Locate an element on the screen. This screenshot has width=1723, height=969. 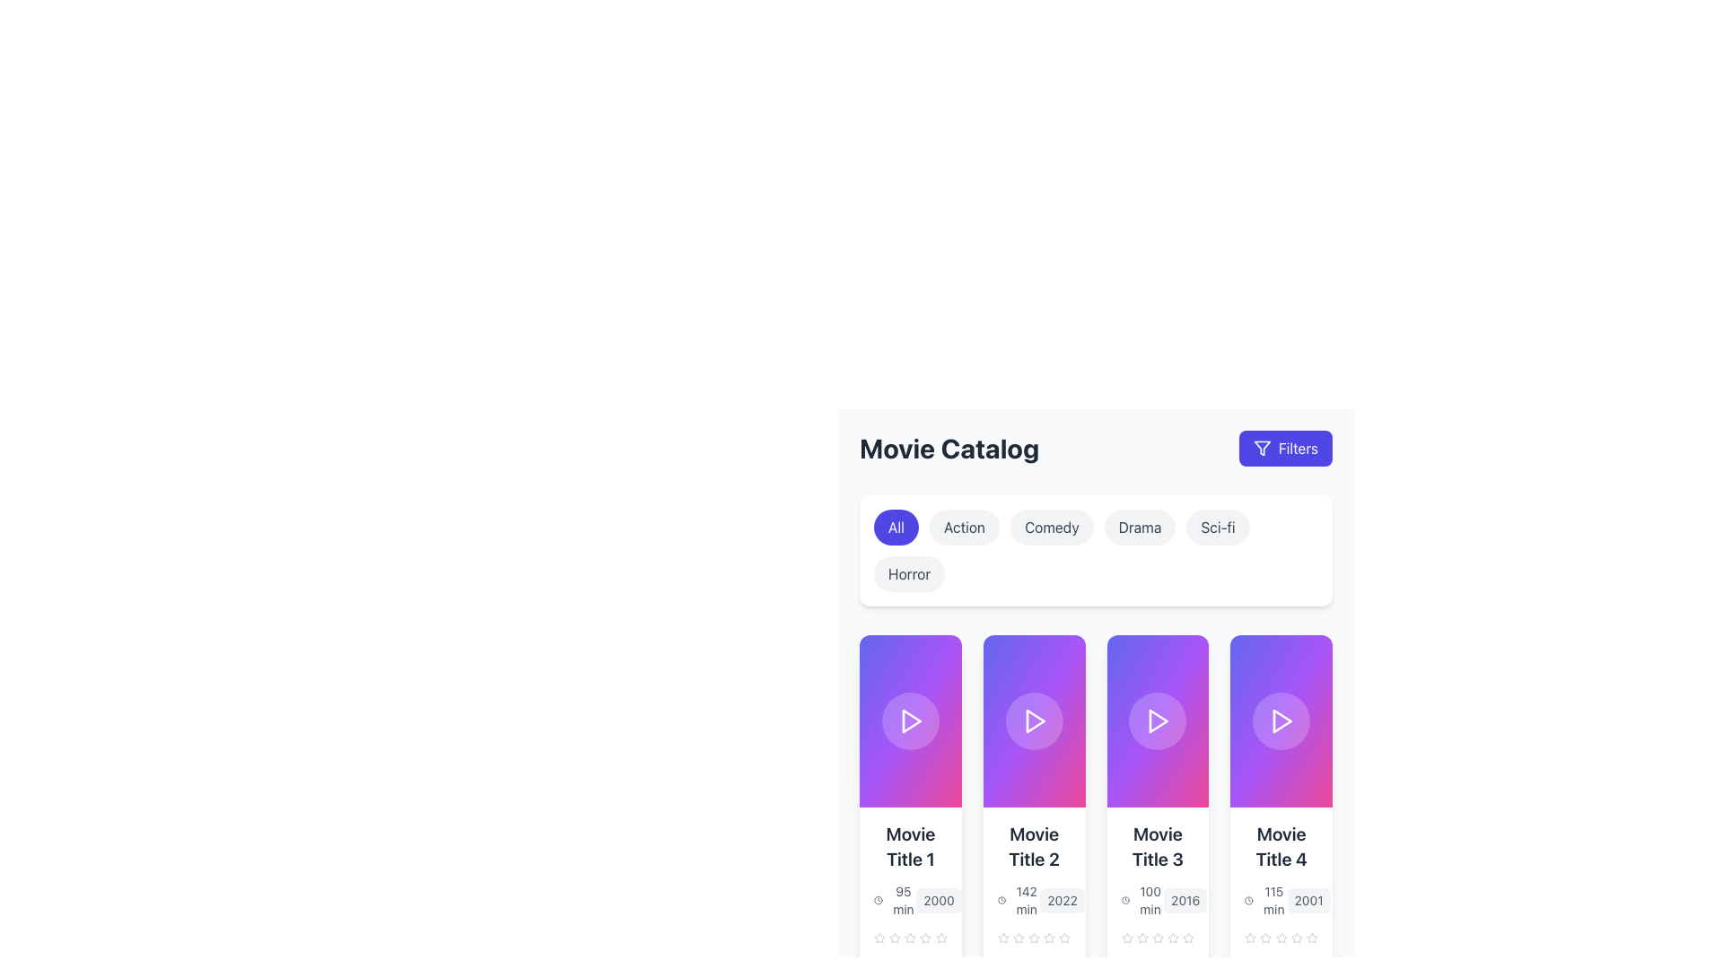
the fifth gray star-shaped icon in the rating feature for 'Movie Title 3' is located at coordinates (1173, 937).